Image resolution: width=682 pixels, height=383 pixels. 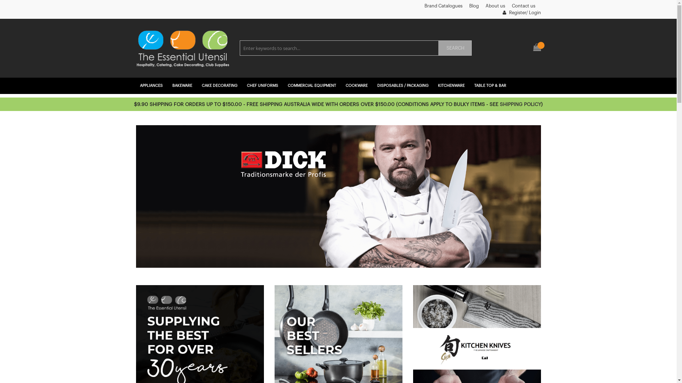 I want to click on 'KITCHENWARE', so click(x=434, y=85).